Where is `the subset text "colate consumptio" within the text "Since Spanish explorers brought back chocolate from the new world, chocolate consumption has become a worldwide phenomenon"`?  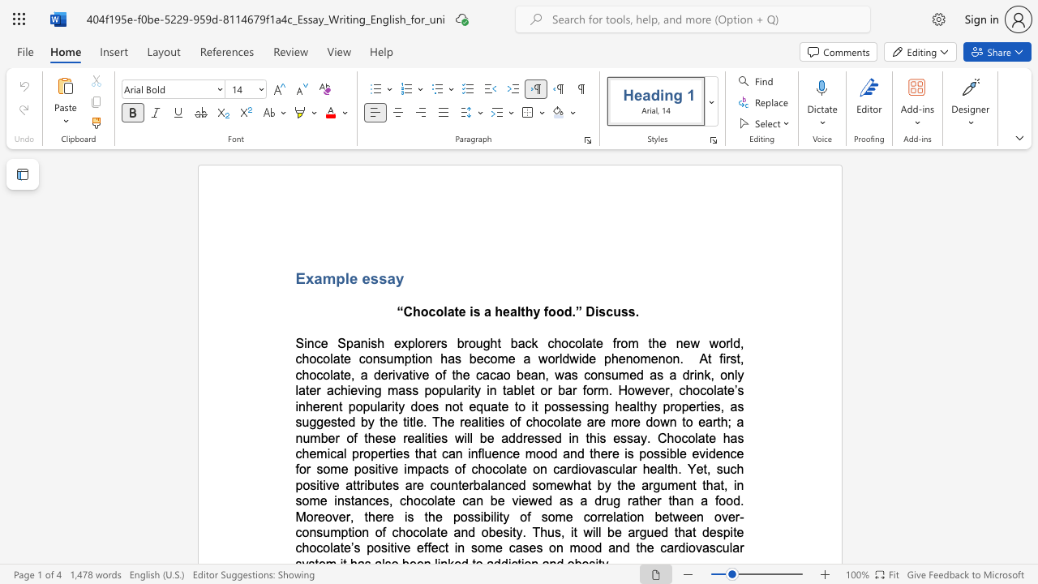
the subset text "colate consumptio" within the text "Since Spanish explorers brought back chocolate from the new world, chocolate consumption has become a worldwide phenomenon" is located at coordinates (316, 358).